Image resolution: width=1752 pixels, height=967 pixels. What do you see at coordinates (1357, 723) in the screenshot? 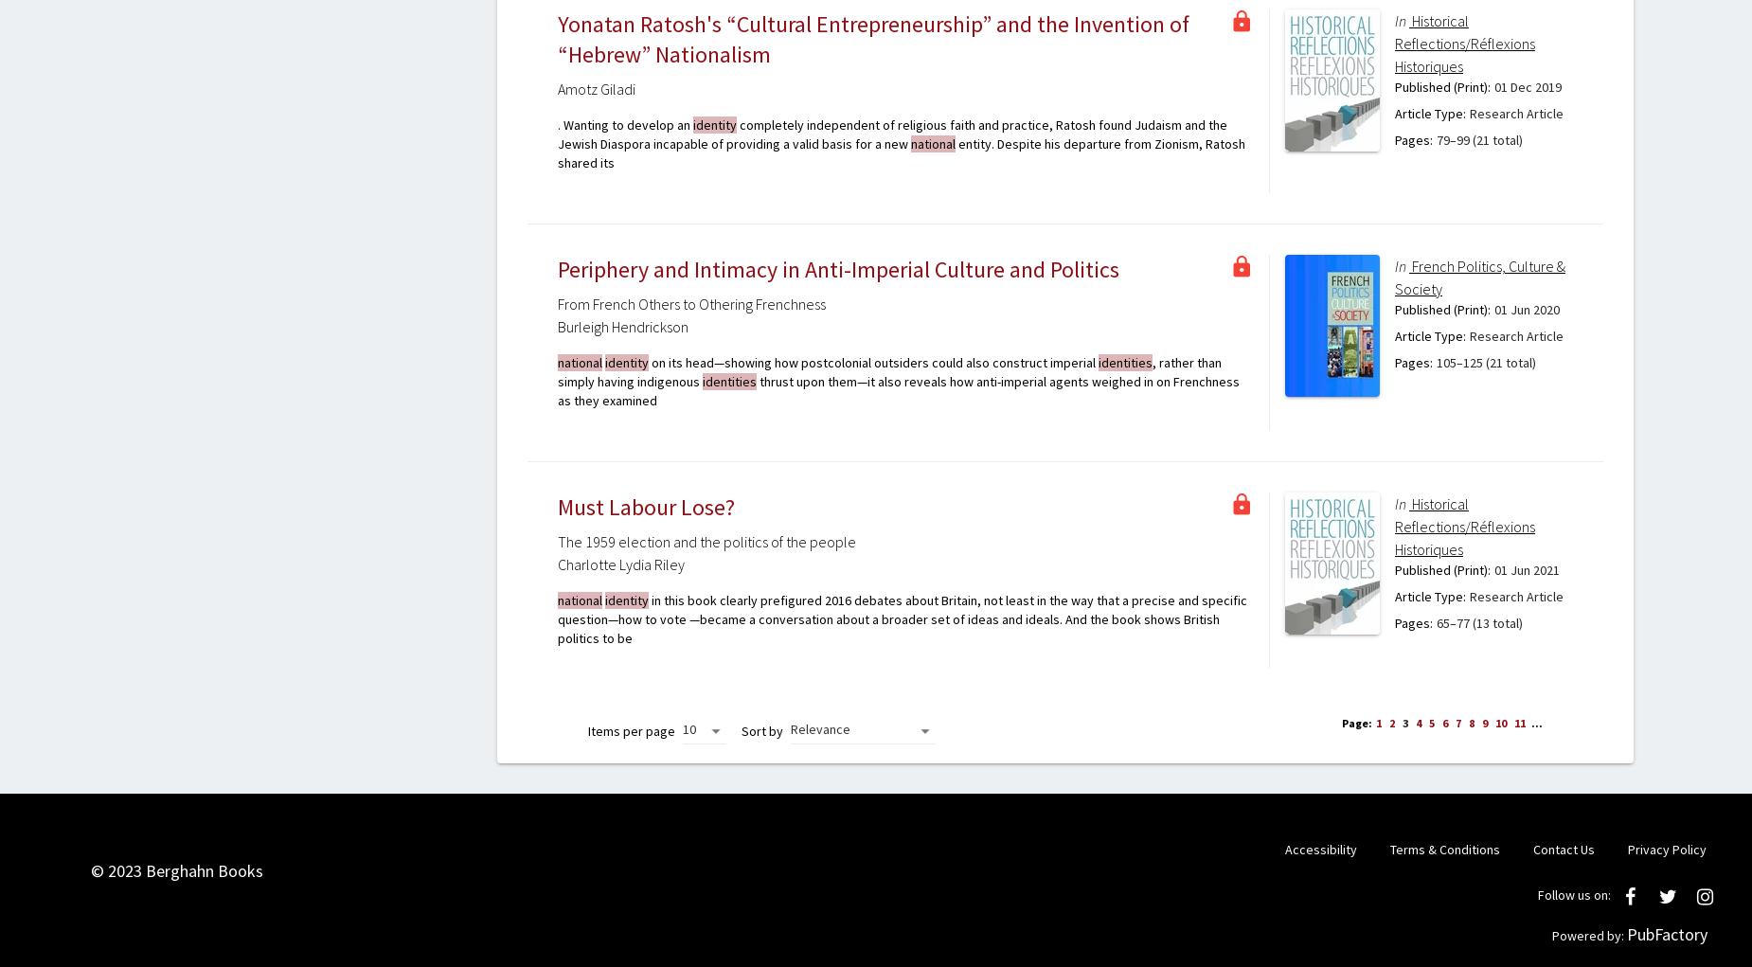
I see `'Page:'` at bounding box center [1357, 723].